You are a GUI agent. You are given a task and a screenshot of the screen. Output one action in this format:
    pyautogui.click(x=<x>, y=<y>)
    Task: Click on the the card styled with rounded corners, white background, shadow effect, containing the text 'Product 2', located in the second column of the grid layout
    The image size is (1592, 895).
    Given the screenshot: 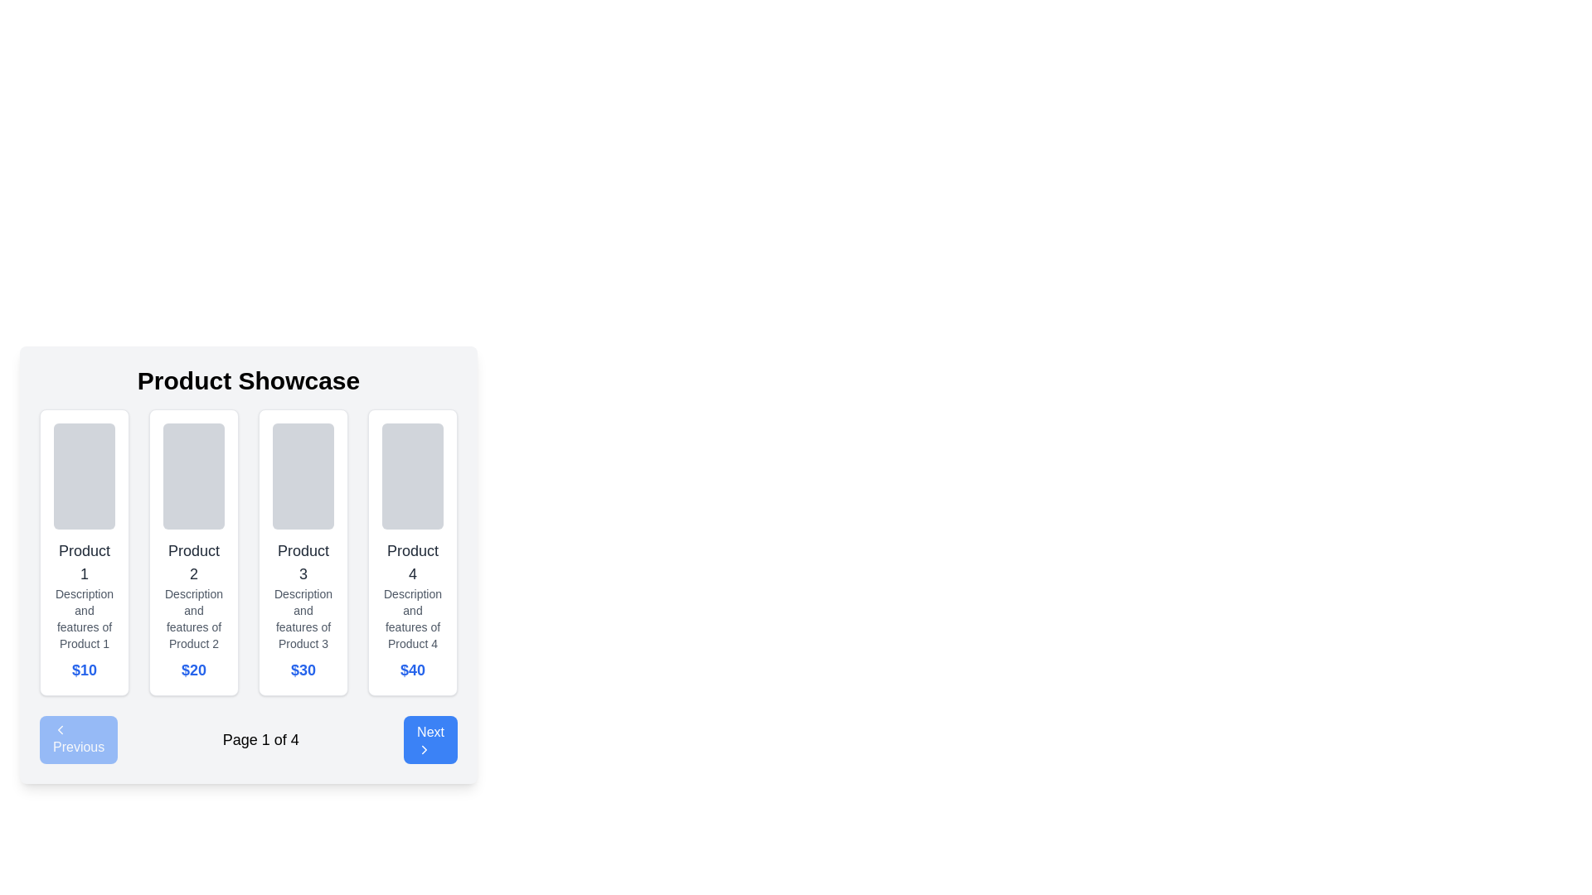 What is the action you would take?
    pyautogui.click(x=194, y=553)
    